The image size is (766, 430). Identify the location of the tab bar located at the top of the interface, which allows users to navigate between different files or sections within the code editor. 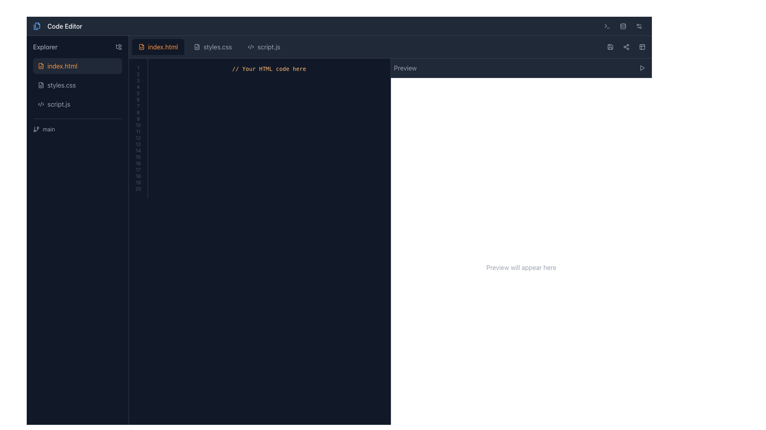
(390, 47).